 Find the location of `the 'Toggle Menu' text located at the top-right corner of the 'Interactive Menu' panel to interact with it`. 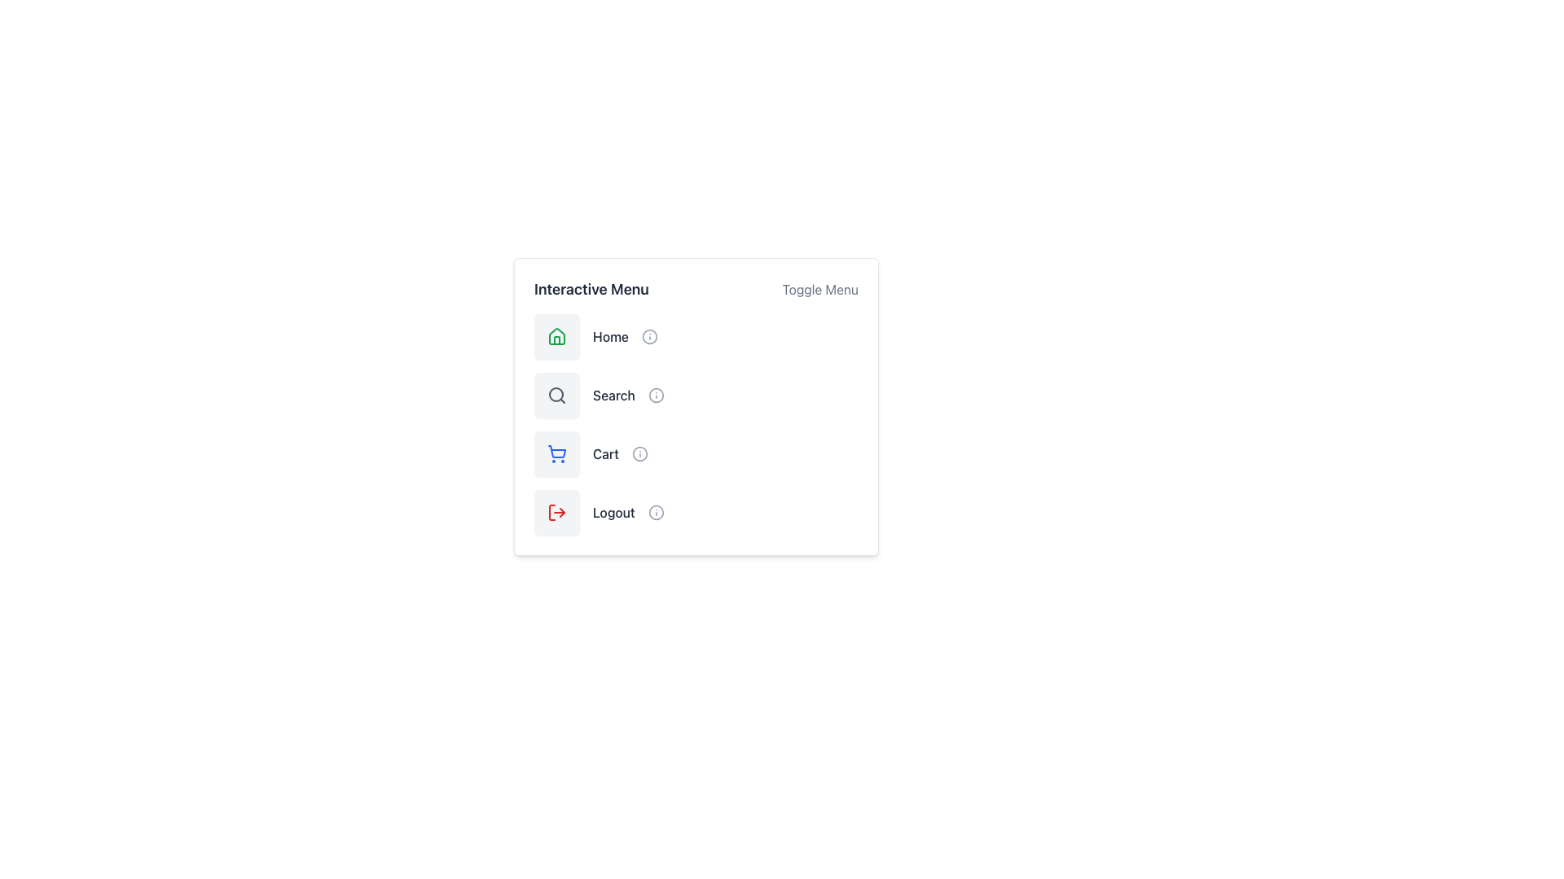

the 'Toggle Menu' text located at the top-right corner of the 'Interactive Menu' panel to interact with it is located at coordinates (820, 288).